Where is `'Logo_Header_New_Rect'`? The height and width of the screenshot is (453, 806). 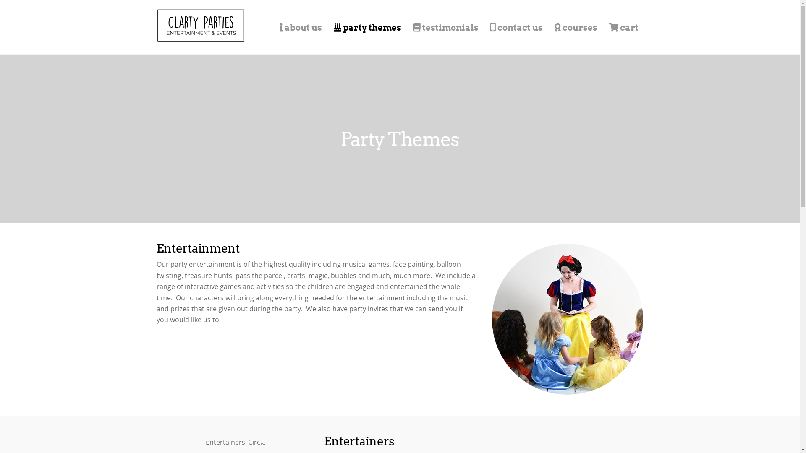 'Logo_Header_New_Rect' is located at coordinates (200, 25).